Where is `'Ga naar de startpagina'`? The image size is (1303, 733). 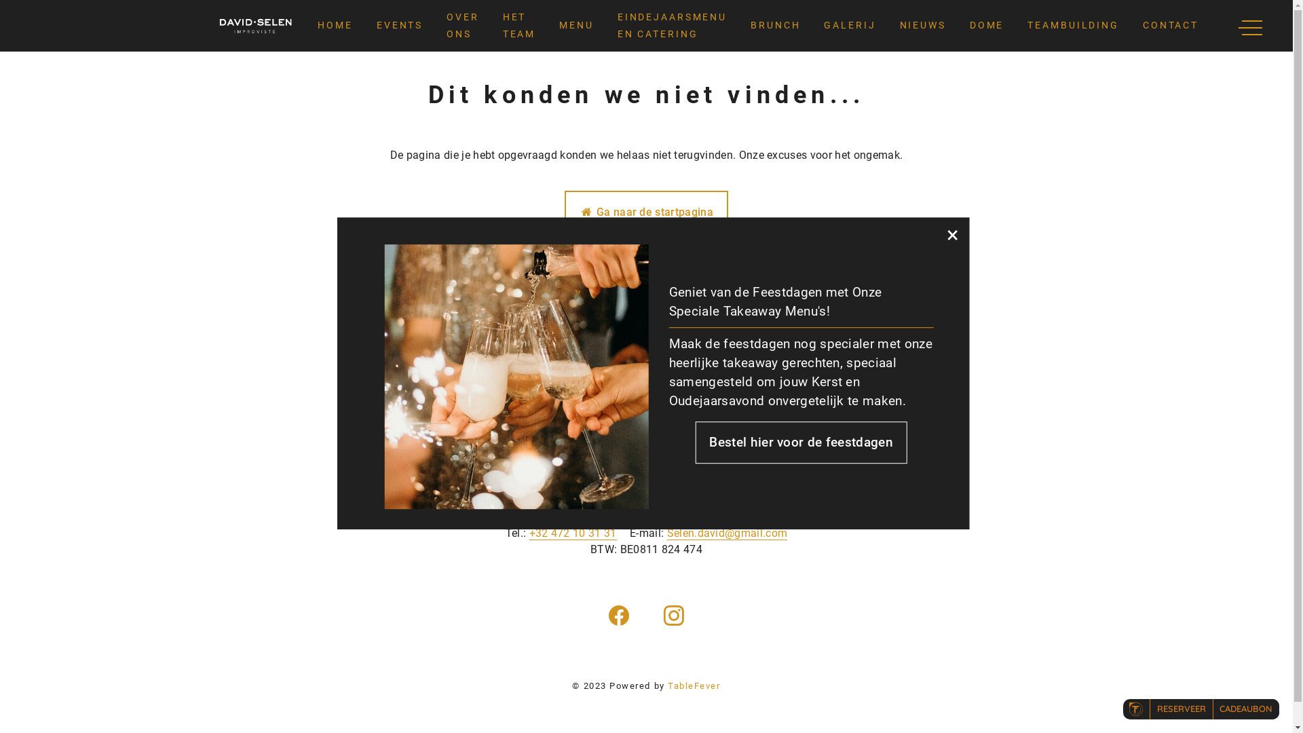
'Ga naar de startpagina' is located at coordinates (645, 212).